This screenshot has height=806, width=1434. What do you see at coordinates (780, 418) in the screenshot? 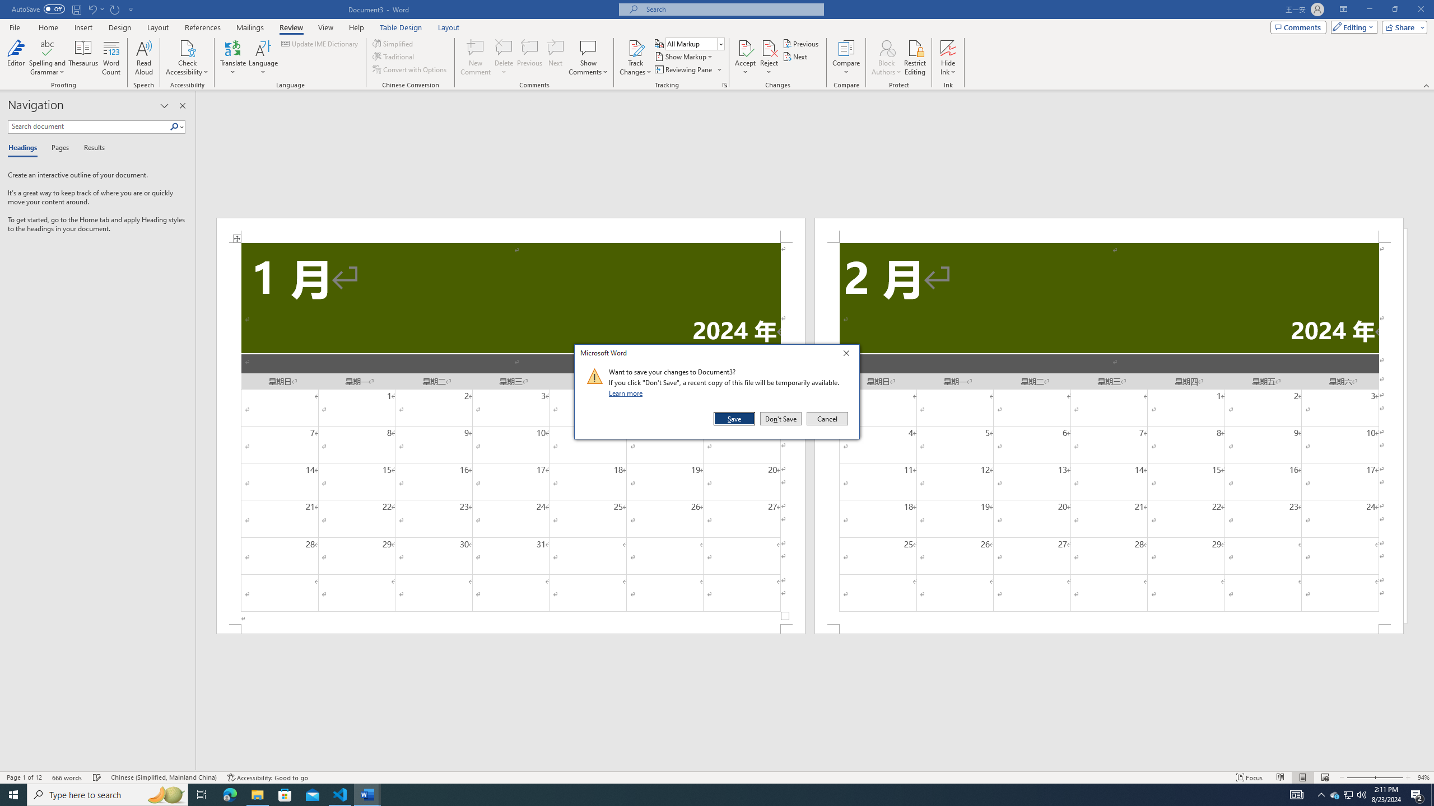
I see `'Don'` at bounding box center [780, 418].